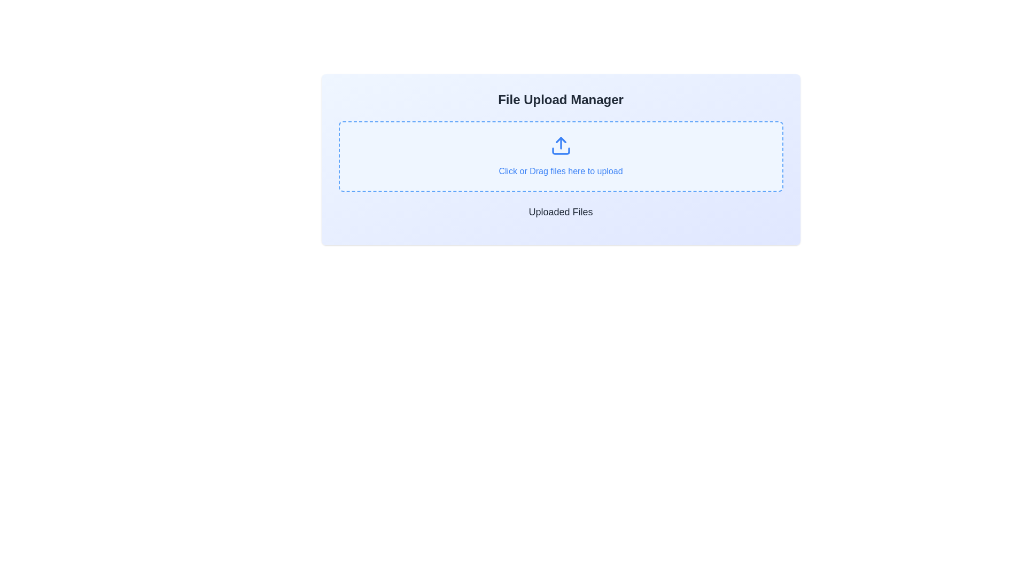 The image size is (1026, 577). Describe the element at coordinates (560, 151) in the screenshot. I see `the lower curved part of the upload icon, which is a blue rectangular shape with rounded corners, located at the center of the file uploading interface` at that location.